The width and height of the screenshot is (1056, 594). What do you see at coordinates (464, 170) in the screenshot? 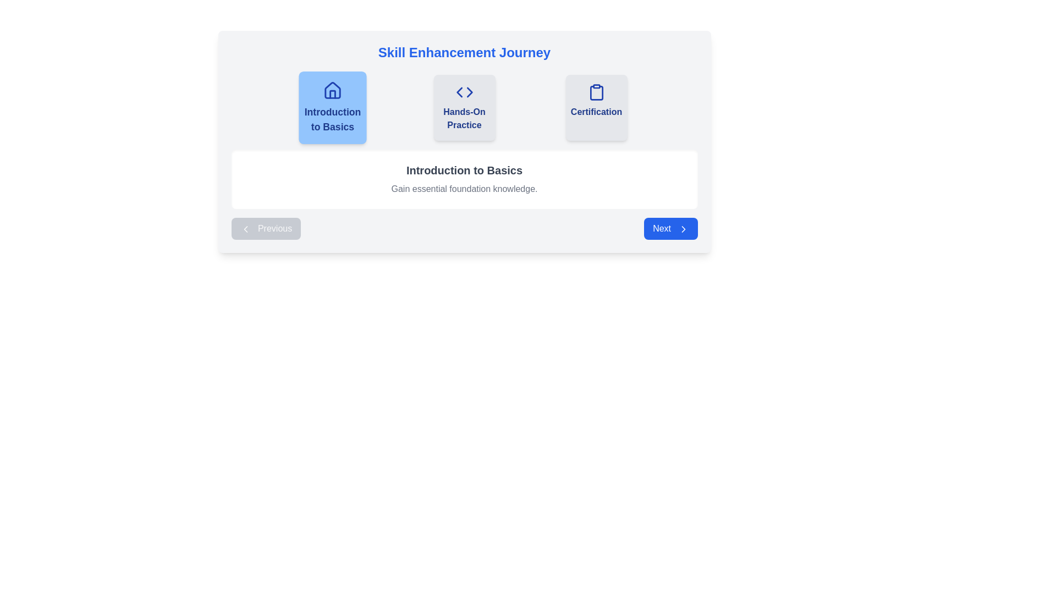
I see `the text label or heading displaying 'Introduction to Basics' in bold, extra-large gray font, which is centered in a card-like section of the interface` at bounding box center [464, 170].